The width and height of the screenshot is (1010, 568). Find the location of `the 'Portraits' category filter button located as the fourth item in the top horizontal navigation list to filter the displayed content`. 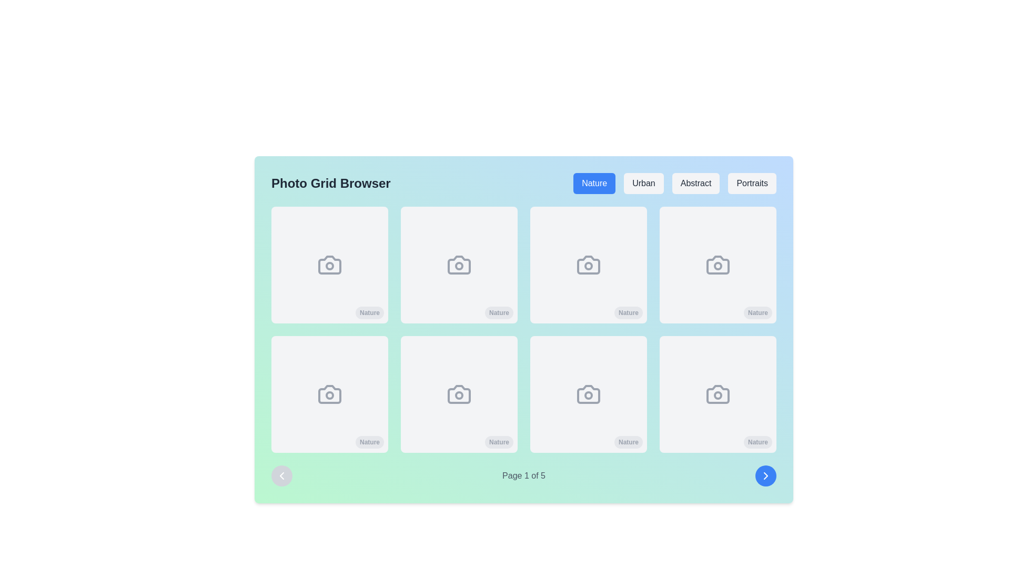

the 'Portraits' category filter button located as the fourth item in the top horizontal navigation list to filter the displayed content is located at coordinates (752, 182).